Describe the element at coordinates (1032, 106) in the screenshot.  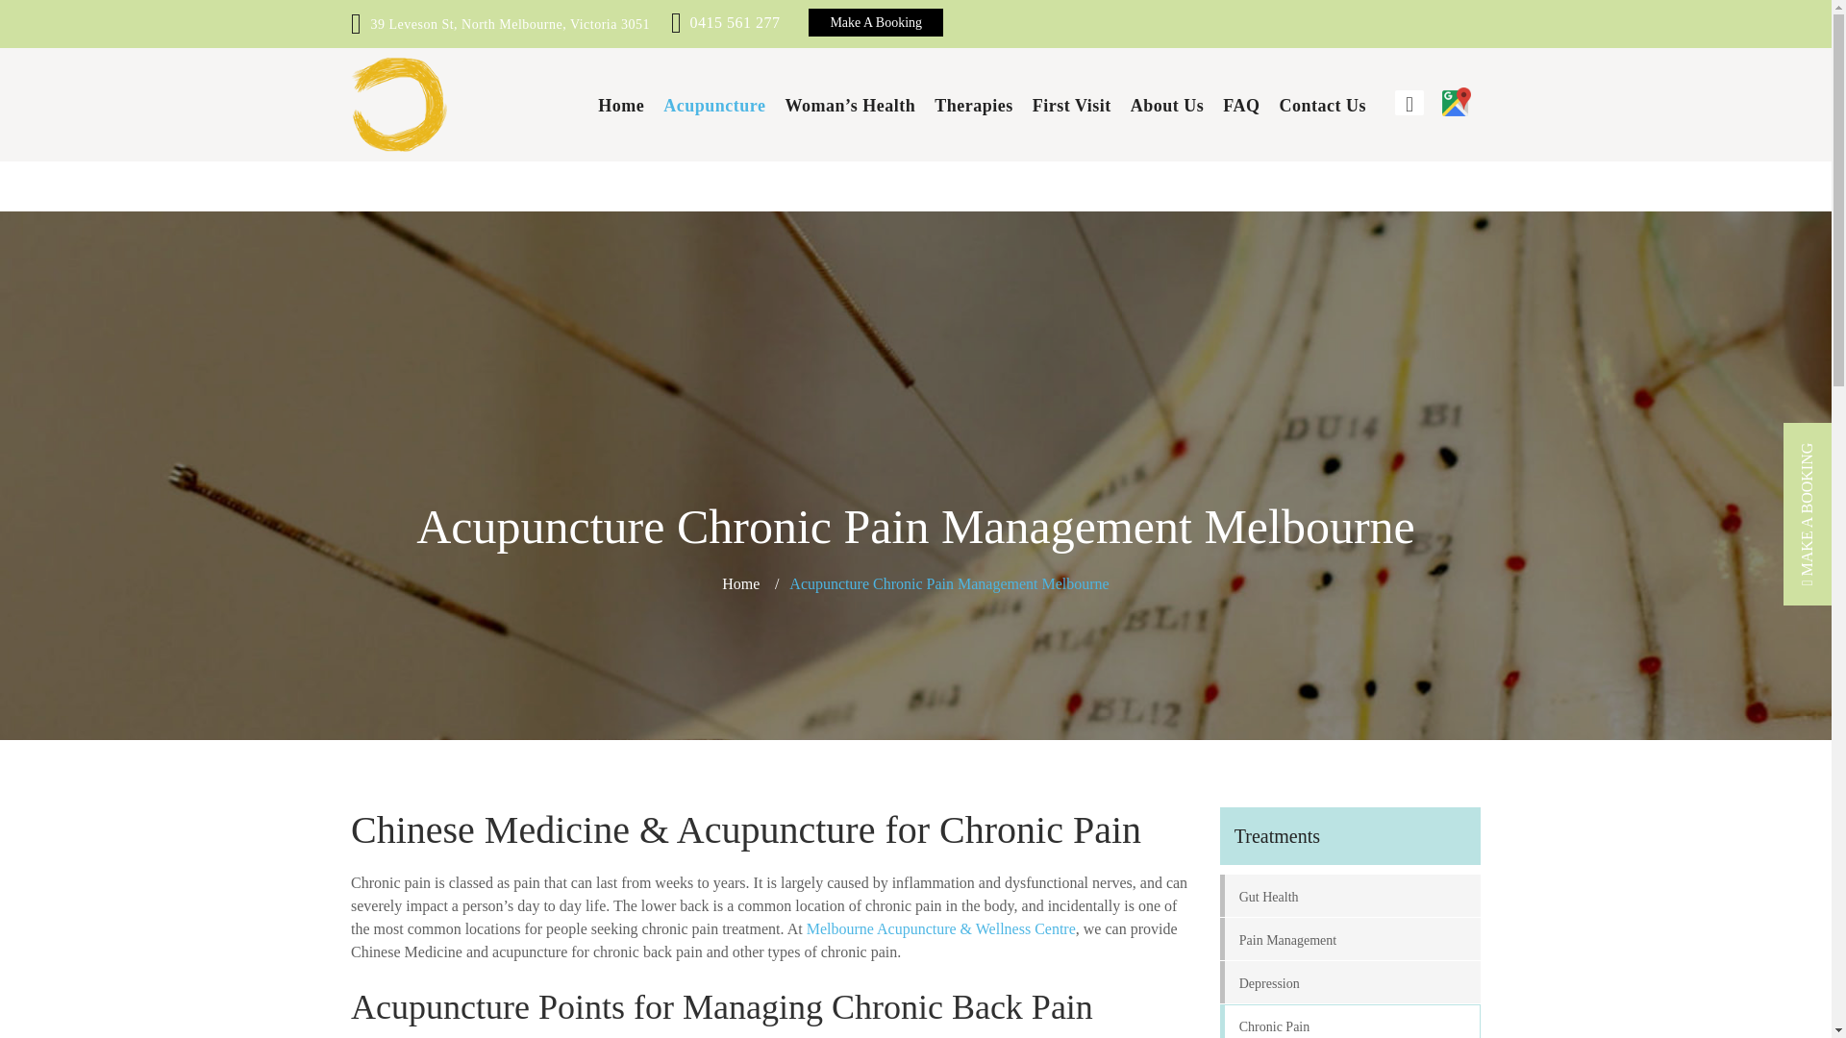
I see `'First Visit'` at that location.